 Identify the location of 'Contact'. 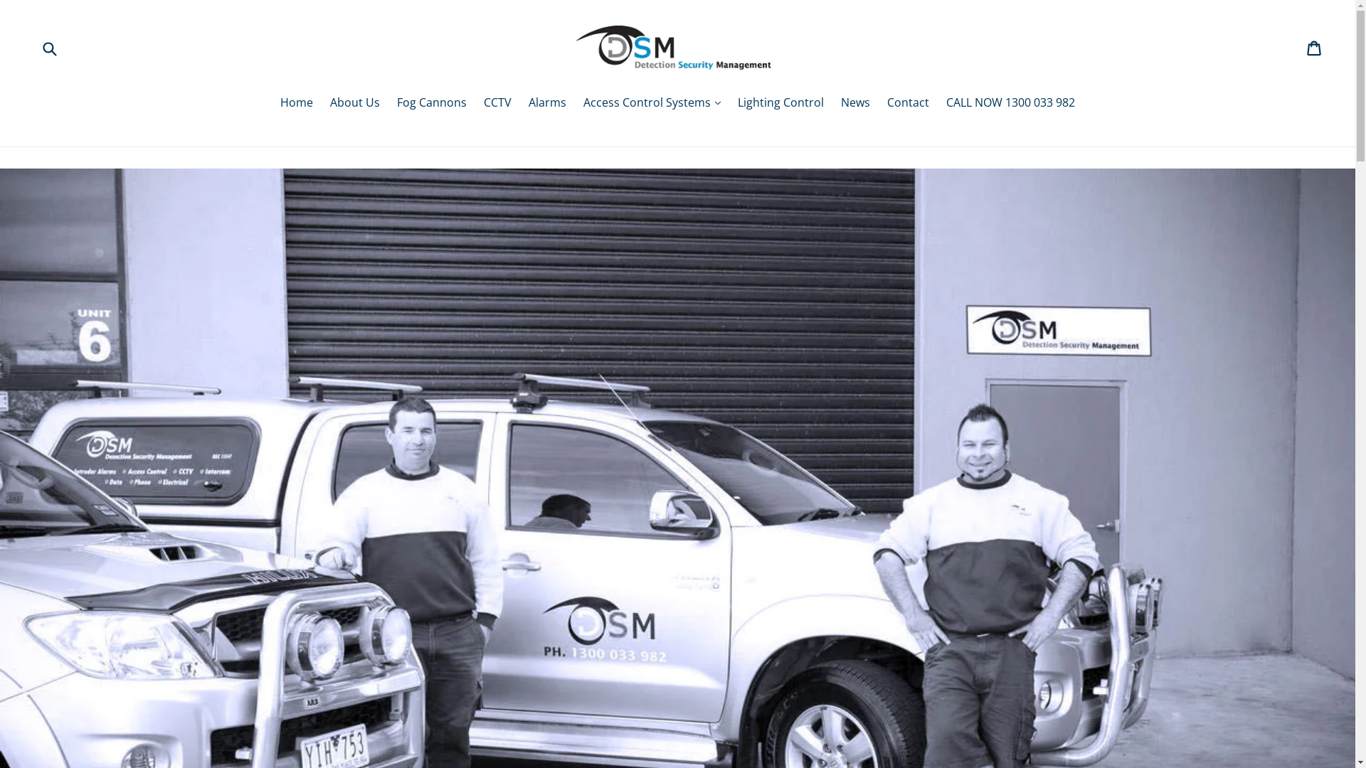
(907, 102).